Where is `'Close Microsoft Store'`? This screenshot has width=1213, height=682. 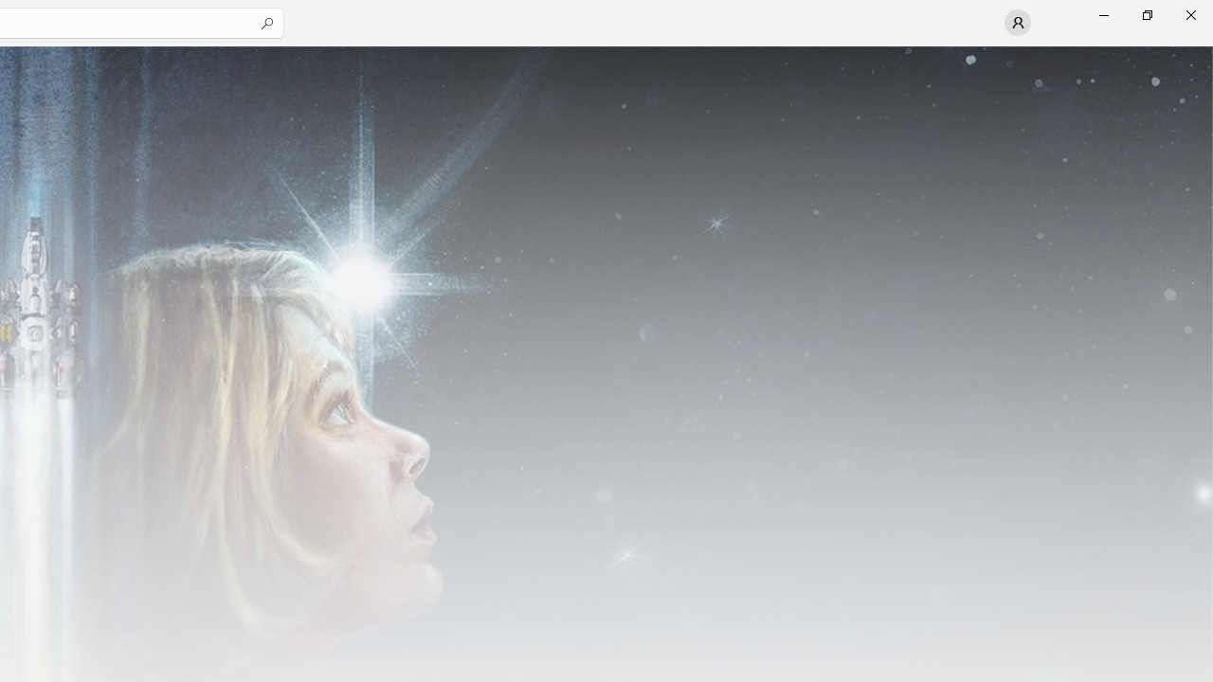
'Close Microsoft Store' is located at coordinates (1189, 14).